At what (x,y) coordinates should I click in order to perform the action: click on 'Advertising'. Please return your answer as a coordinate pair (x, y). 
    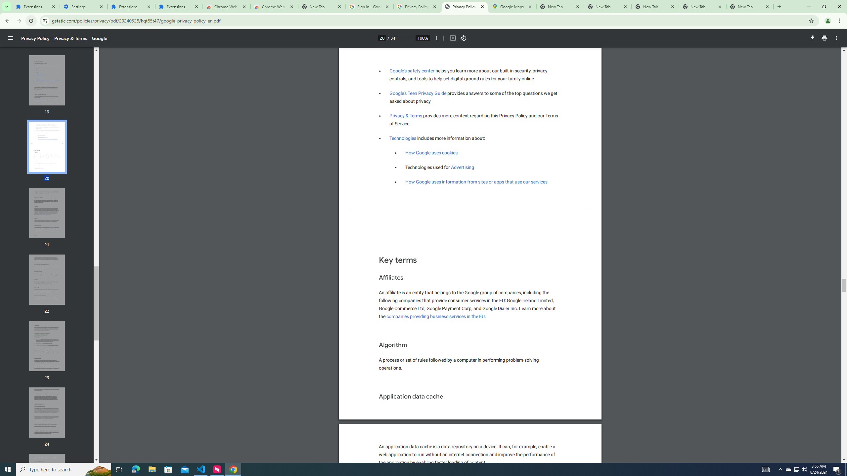
    Looking at the image, I should click on (462, 167).